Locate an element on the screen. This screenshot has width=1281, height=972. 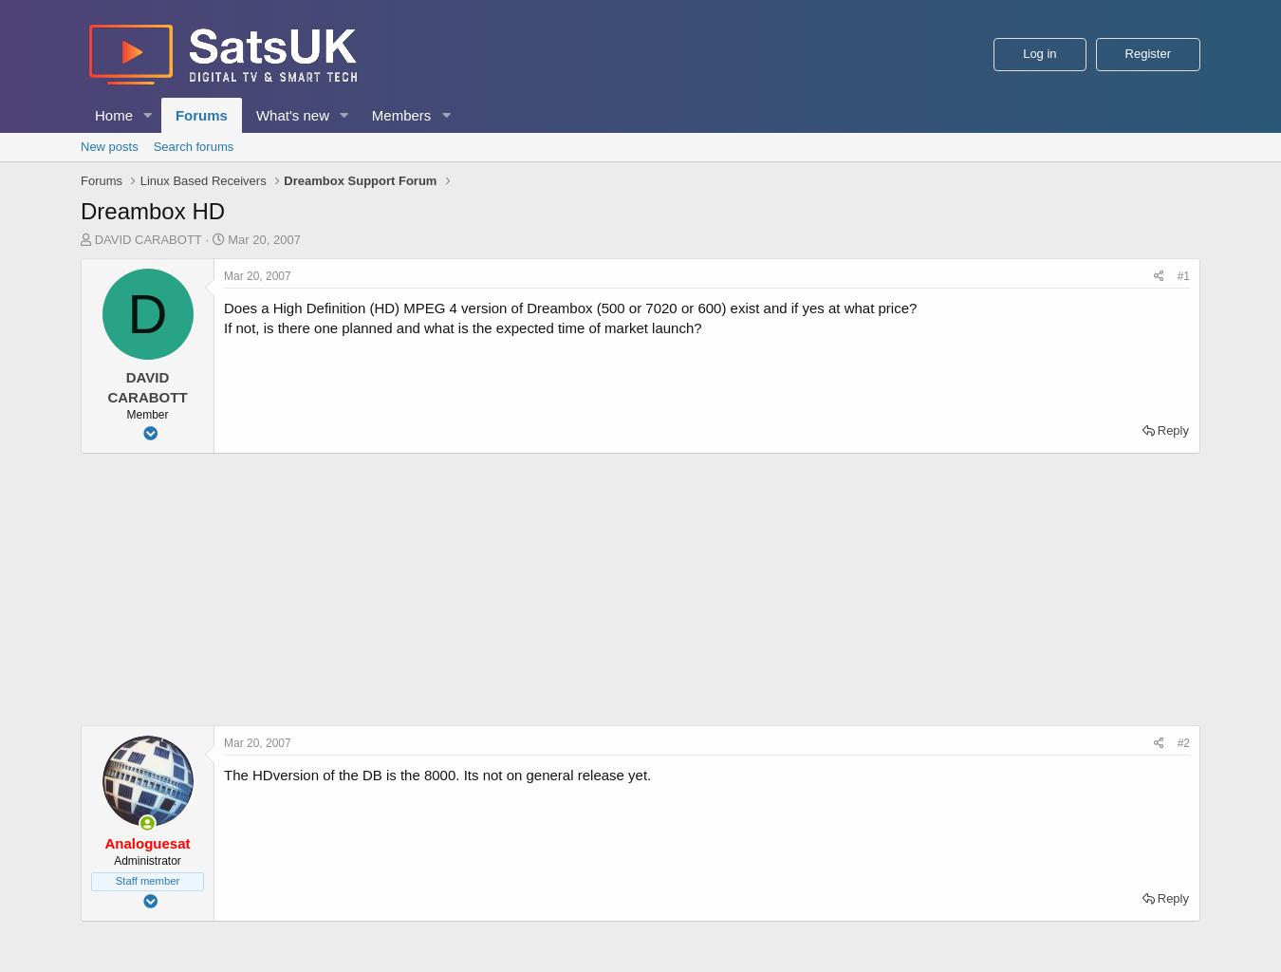
'Does a High Definition (HD) MPEG 4 version of Dreambox (500 or 7020 or 600) exist and if yes at what price?' is located at coordinates (570, 307).